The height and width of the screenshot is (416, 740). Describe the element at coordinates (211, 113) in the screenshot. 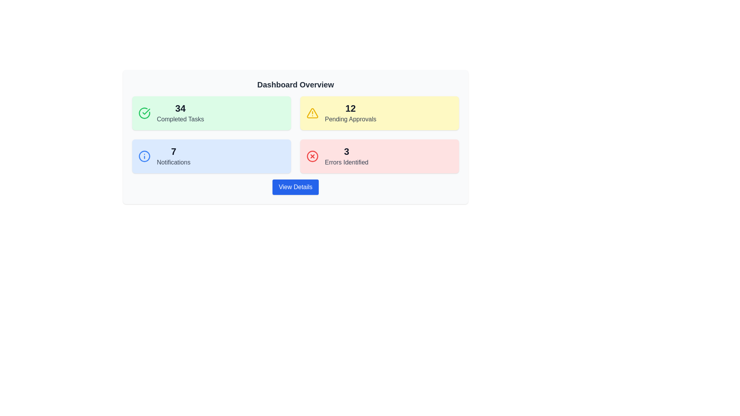

I see `the Informational card displaying the count of completed tasks ('34') in the top-left position of the grid layout` at that location.